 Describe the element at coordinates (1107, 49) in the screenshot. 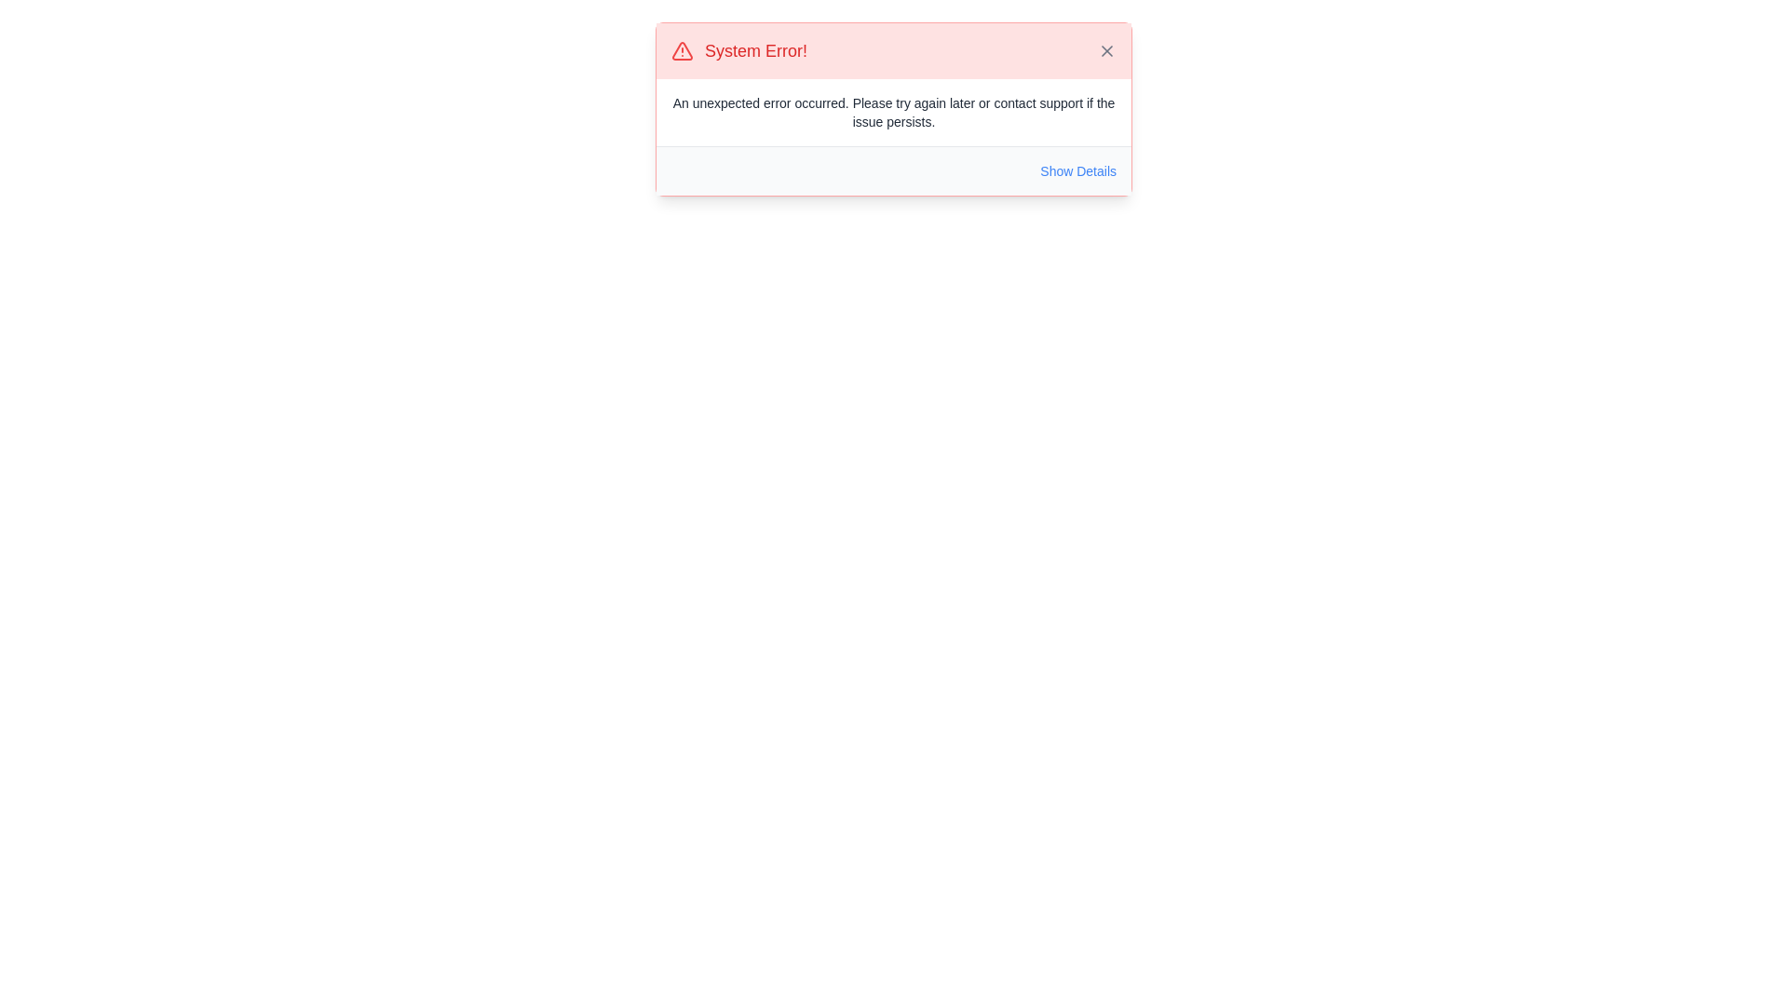

I see `the close button located at the top-right corner of the red alert box` at that location.